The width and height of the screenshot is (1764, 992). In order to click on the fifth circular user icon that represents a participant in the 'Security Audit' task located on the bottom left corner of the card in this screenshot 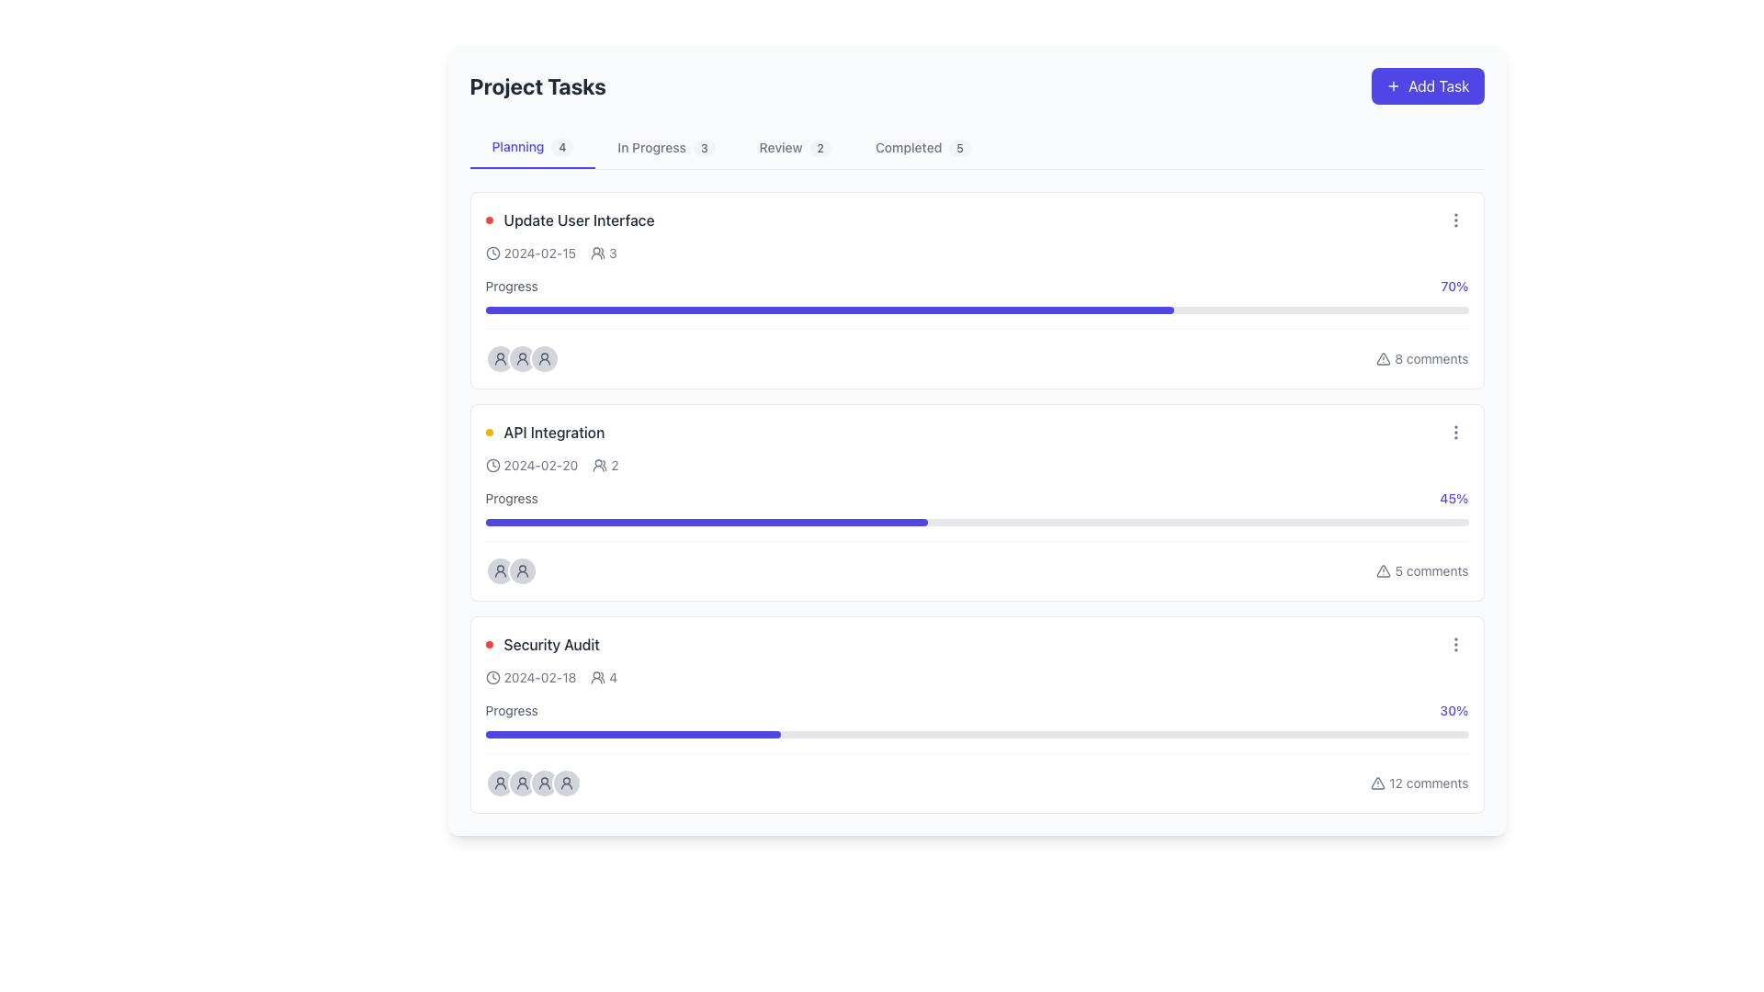, I will do `click(565, 783)`.